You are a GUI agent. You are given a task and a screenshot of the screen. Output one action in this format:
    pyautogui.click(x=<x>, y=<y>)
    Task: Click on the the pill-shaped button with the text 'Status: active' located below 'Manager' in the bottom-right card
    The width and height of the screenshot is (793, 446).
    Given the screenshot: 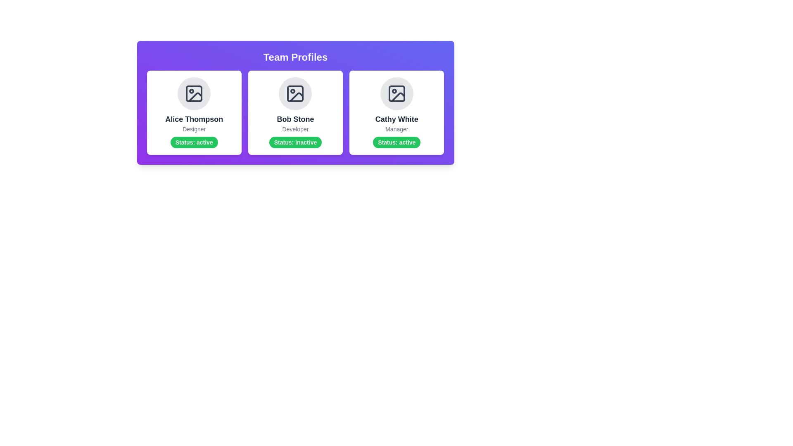 What is the action you would take?
    pyautogui.click(x=396, y=142)
    